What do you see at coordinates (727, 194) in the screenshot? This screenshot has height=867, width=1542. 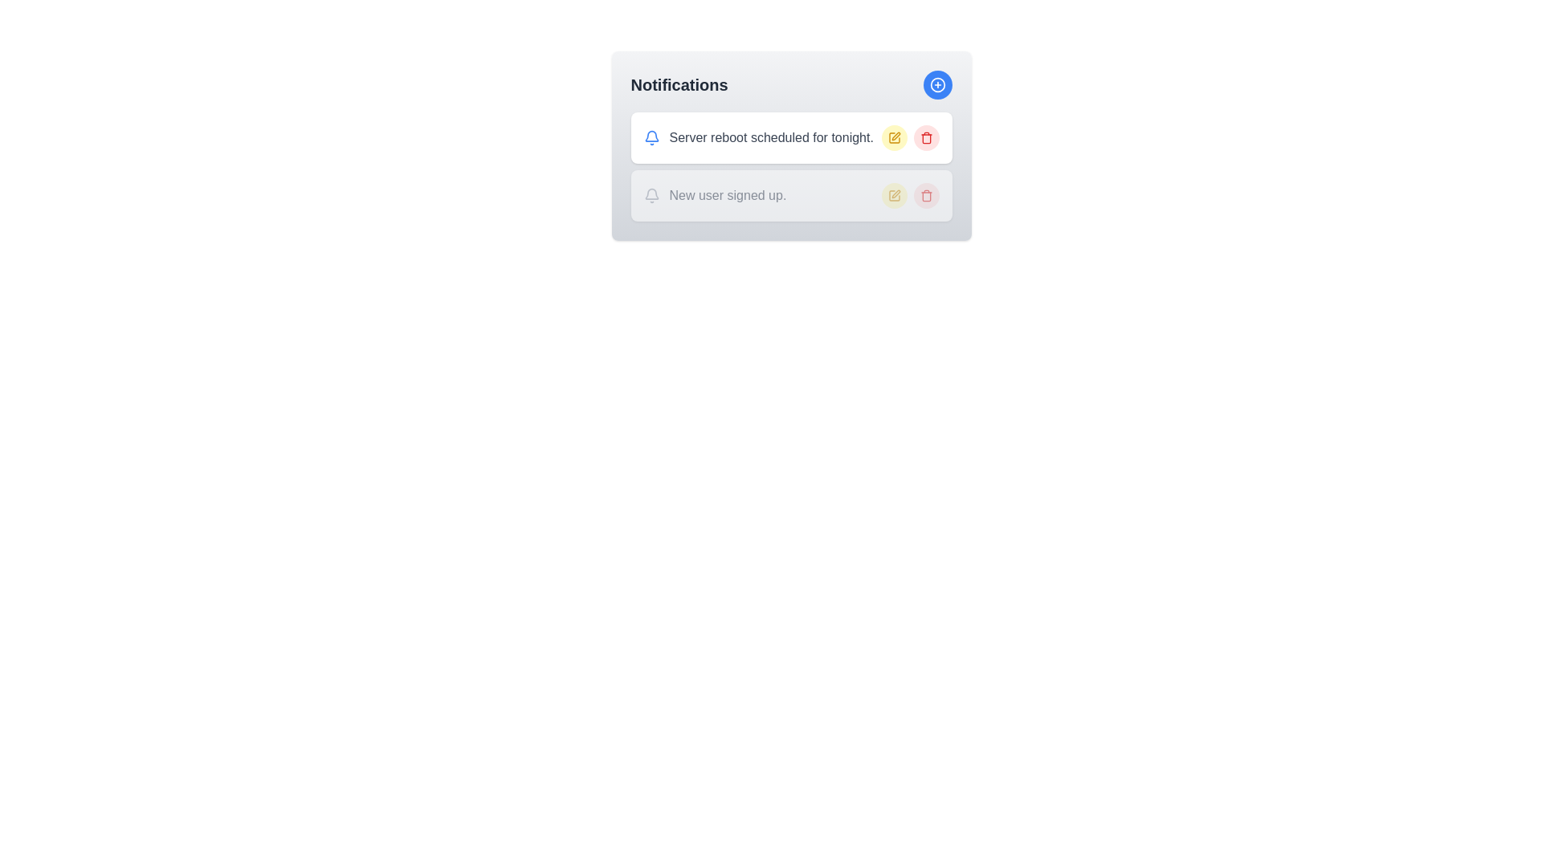 I see `the notification text label that displays a message about a new user sign-up event, located below the bell icon and aligned with two interactive icons on its right side` at bounding box center [727, 194].